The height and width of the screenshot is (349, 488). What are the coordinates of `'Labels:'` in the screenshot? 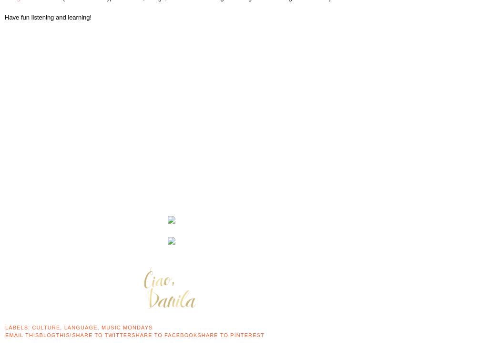 It's located at (19, 327).